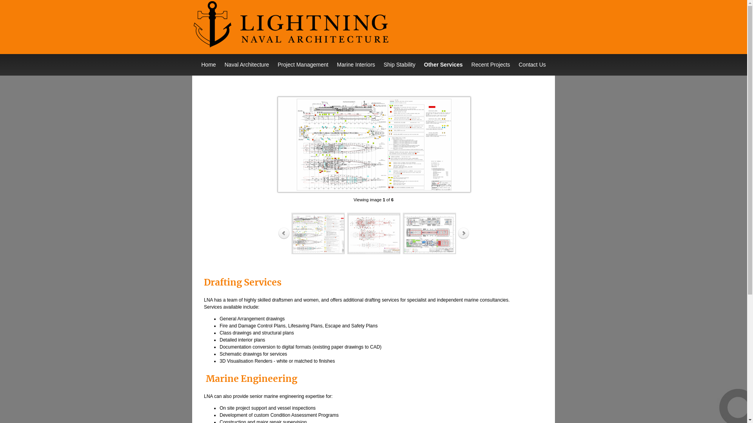  Describe the element at coordinates (355, 64) in the screenshot. I see `'Marine Interiors'` at that location.